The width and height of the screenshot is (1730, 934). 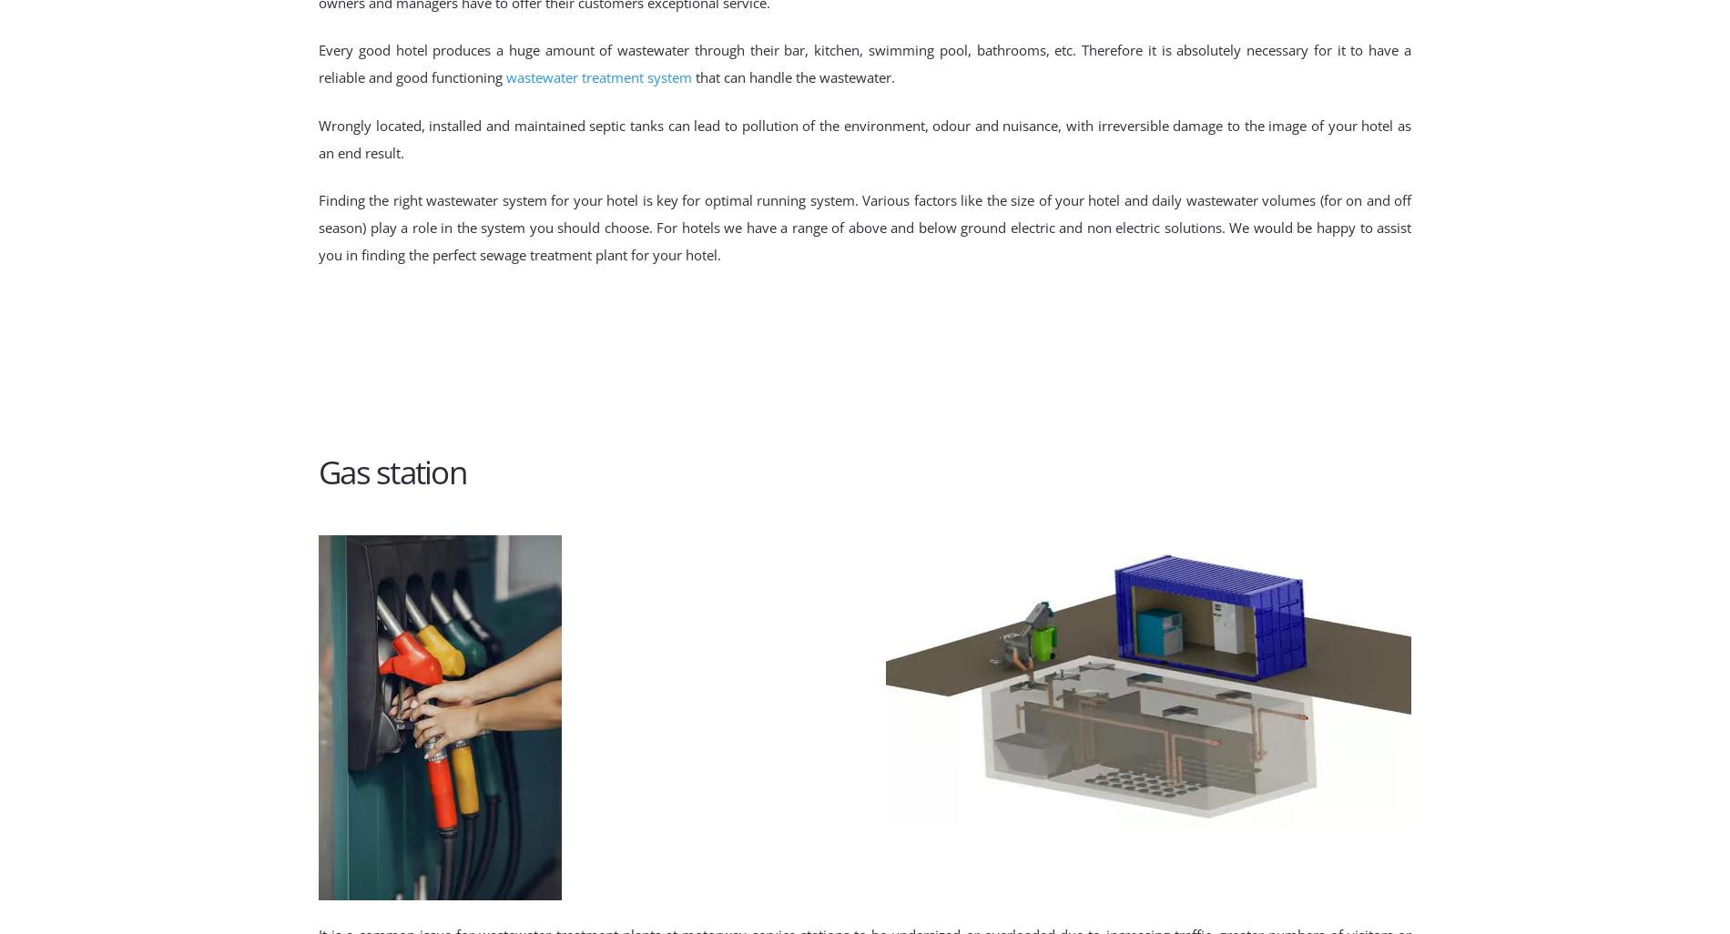 I want to click on 'ptimal running system. Various factors like', so click(x=848, y=199).